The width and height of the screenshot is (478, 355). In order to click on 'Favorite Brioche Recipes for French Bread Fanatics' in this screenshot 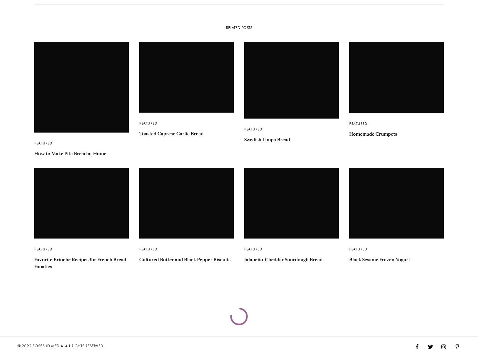, I will do `click(34, 262)`.